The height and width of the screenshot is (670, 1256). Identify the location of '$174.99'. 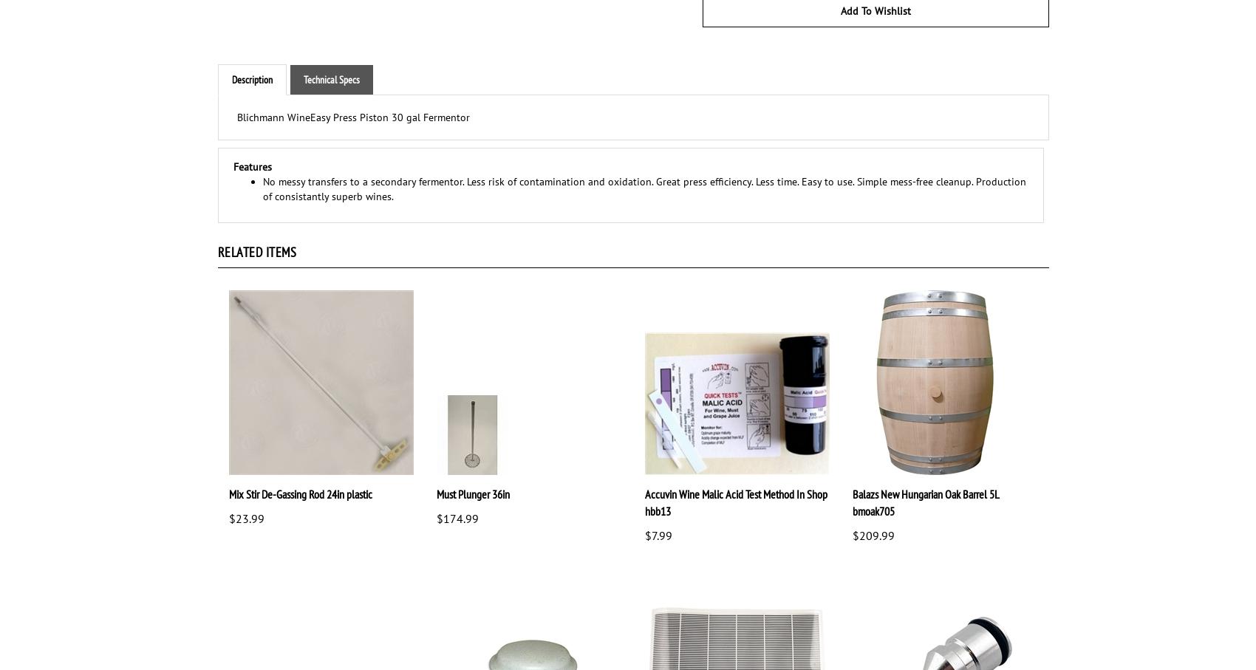
(457, 519).